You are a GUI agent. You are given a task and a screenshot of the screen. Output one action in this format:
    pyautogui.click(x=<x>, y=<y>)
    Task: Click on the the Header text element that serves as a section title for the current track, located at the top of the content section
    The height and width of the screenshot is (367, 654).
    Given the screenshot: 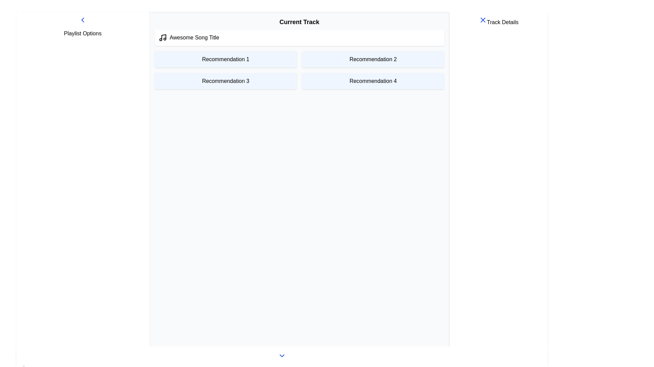 What is the action you would take?
    pyautogui.click(x=299, y=22)
    